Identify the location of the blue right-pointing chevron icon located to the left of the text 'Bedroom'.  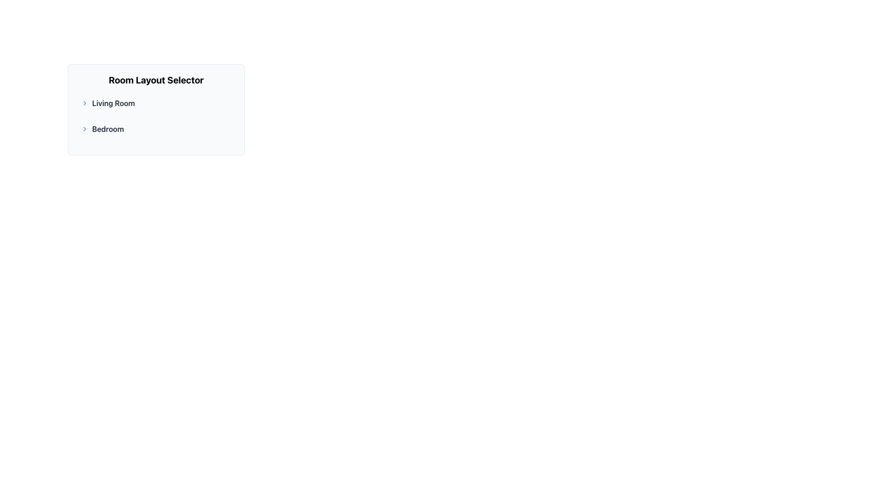
(84, 129).